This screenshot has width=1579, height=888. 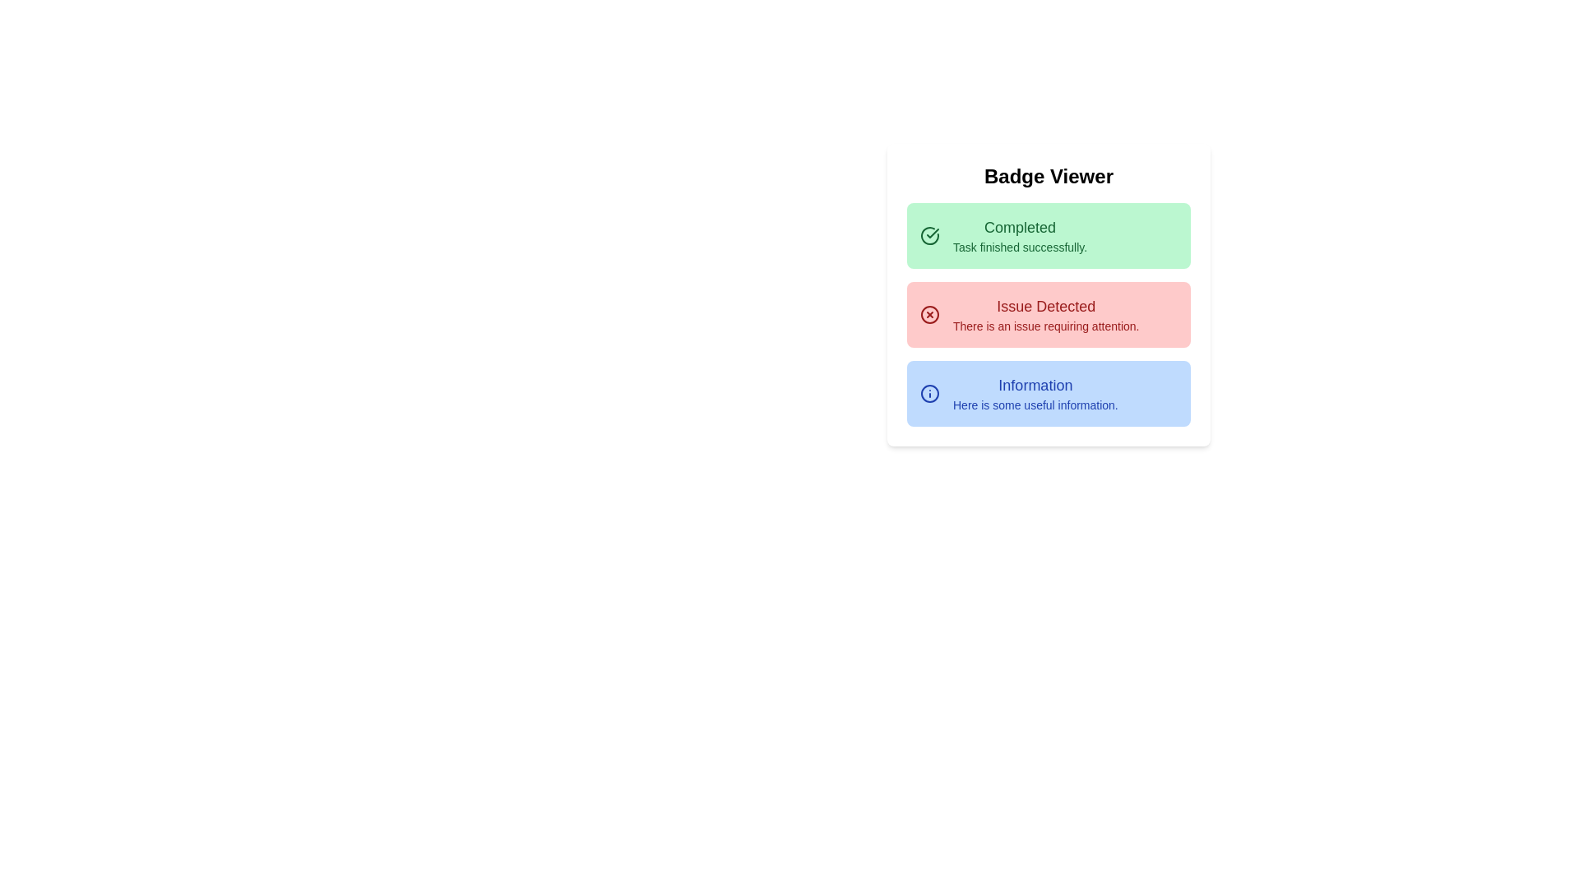 What do you see at coordinates (1035, 393) in the screenshot?
I see `the static Text label at the bottom of the Badge Viewer card, which is the last item following the 'Issue Detected' and 'Completed' boxes` at bounding box center [1035, 393].